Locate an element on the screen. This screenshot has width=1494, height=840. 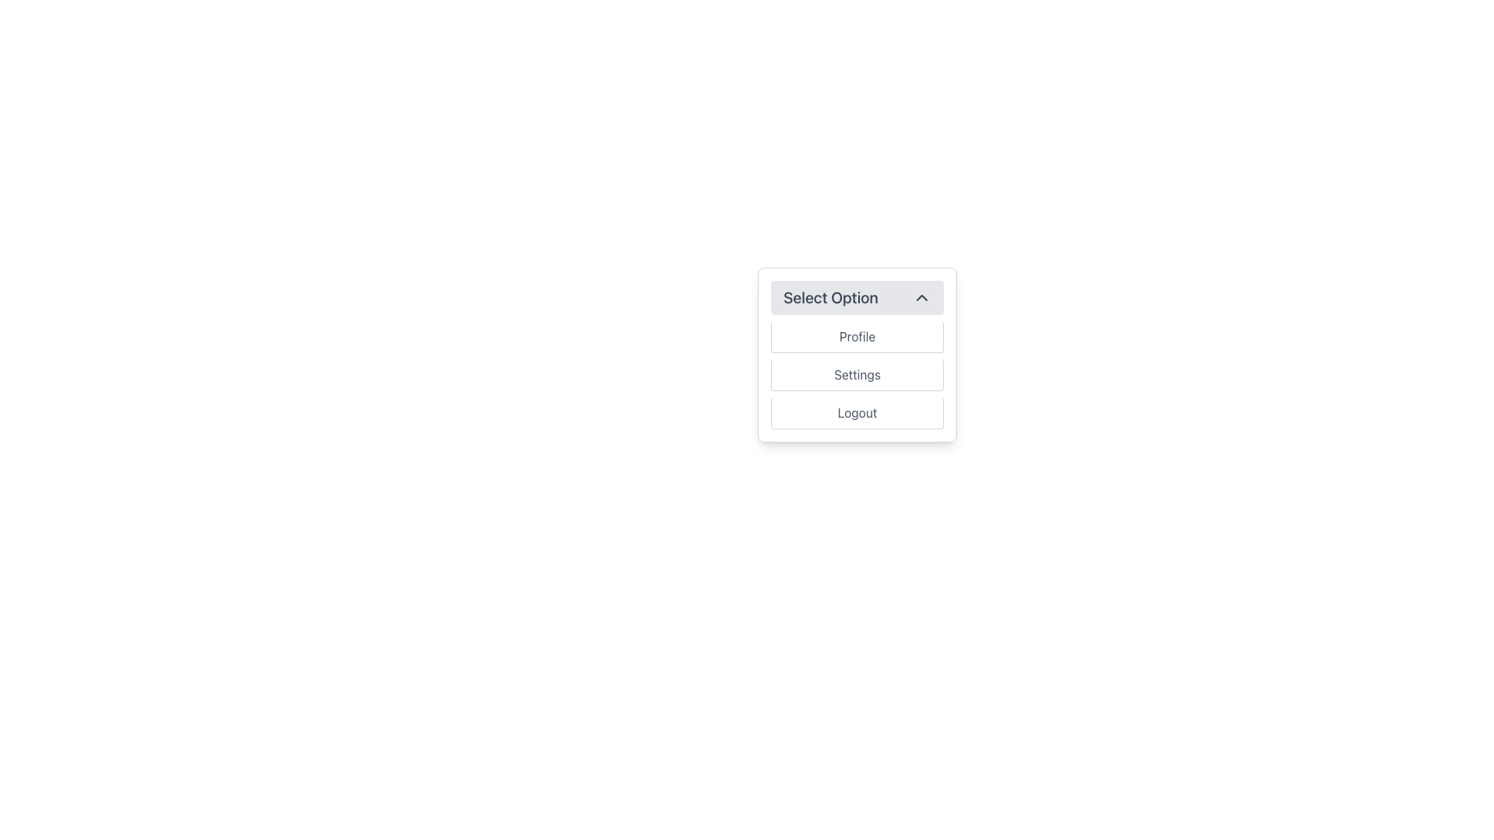
the 'Settings' menu item, which is the second option in the dropdown menu under 'Select Option' is located at coordinates (857, 375).